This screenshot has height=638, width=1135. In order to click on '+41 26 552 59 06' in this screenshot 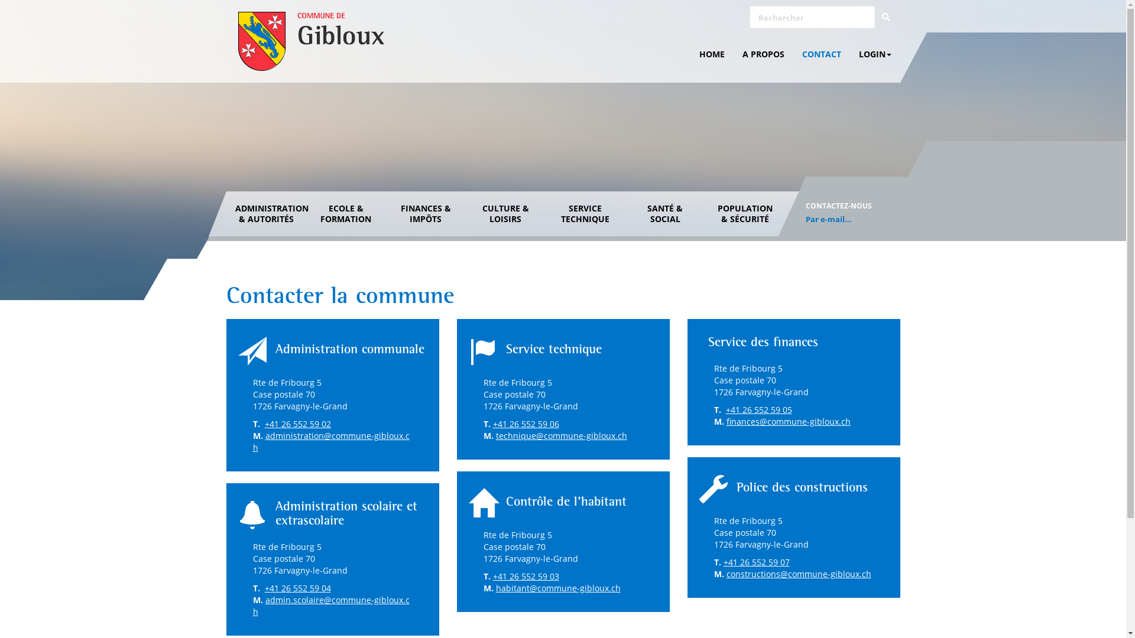, I will do `click(525, 423)`.